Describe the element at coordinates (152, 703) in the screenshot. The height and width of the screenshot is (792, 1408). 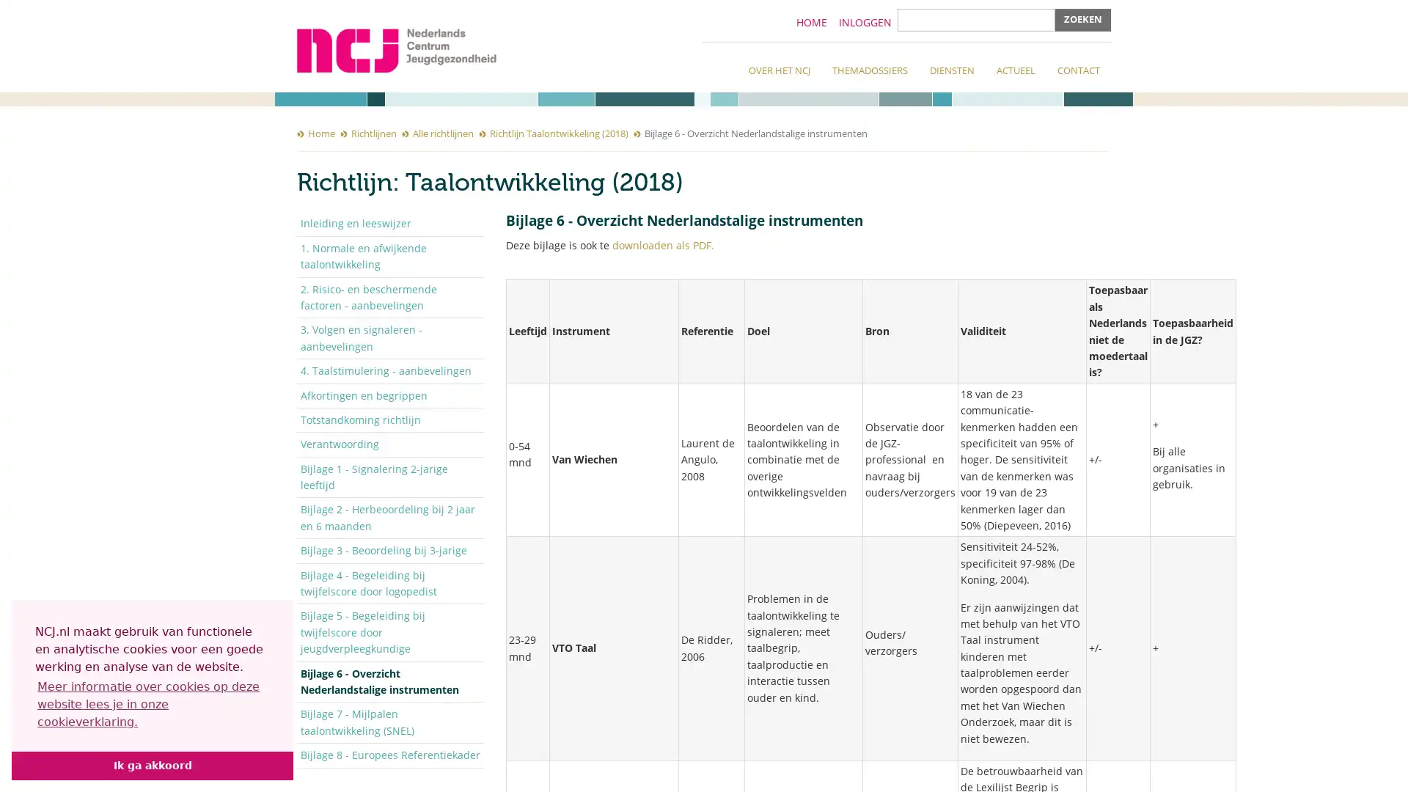
I see `learn more about cookies` at that location.